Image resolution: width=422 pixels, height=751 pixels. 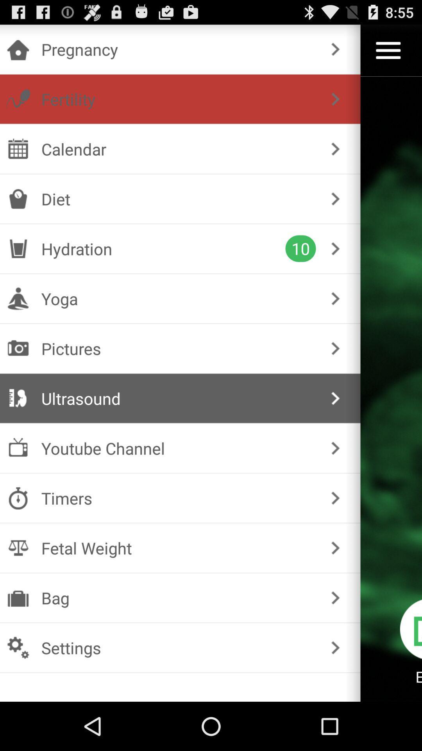 I want to click on the menu icon, so click(x=388, y=54).